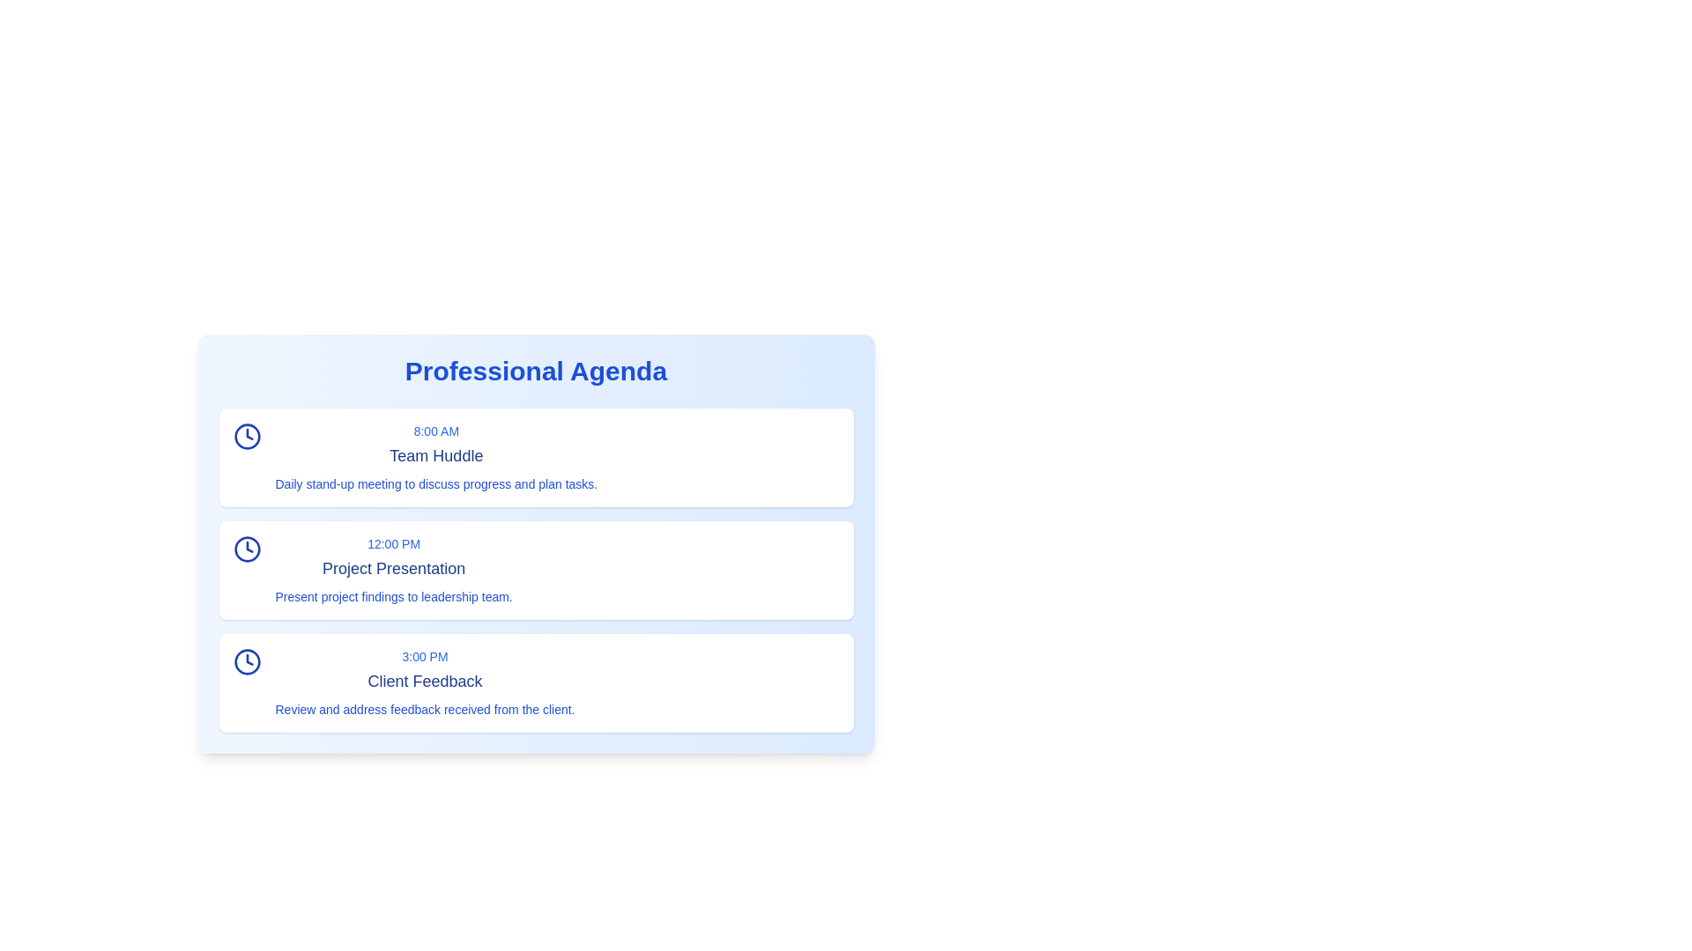 The height and width of the screenshot is (951, 1692). What do you see at coordinates (392, 571) in the screenshot?
I see `the scheduled agenda item for 'Project Presentation' at 12:00 PM` at bounding box center [392, 571].